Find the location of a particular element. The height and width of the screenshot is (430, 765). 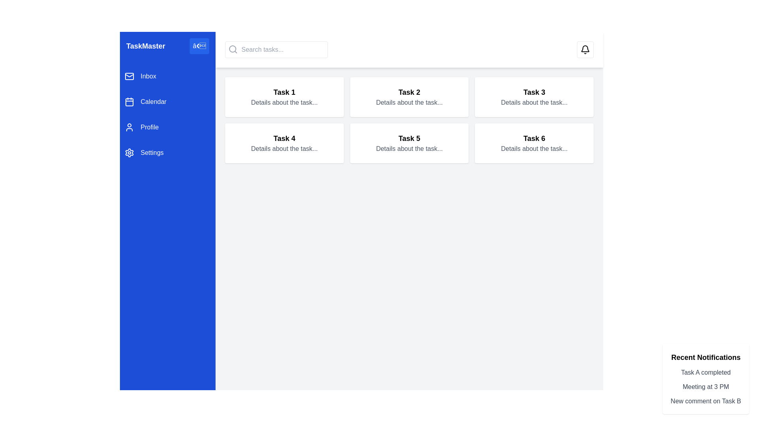

the 'Profile' text label, which is styled in white on a blue background and located in the left-hand sidebar menu, next to a person icon is located at coordinates (149, 127).